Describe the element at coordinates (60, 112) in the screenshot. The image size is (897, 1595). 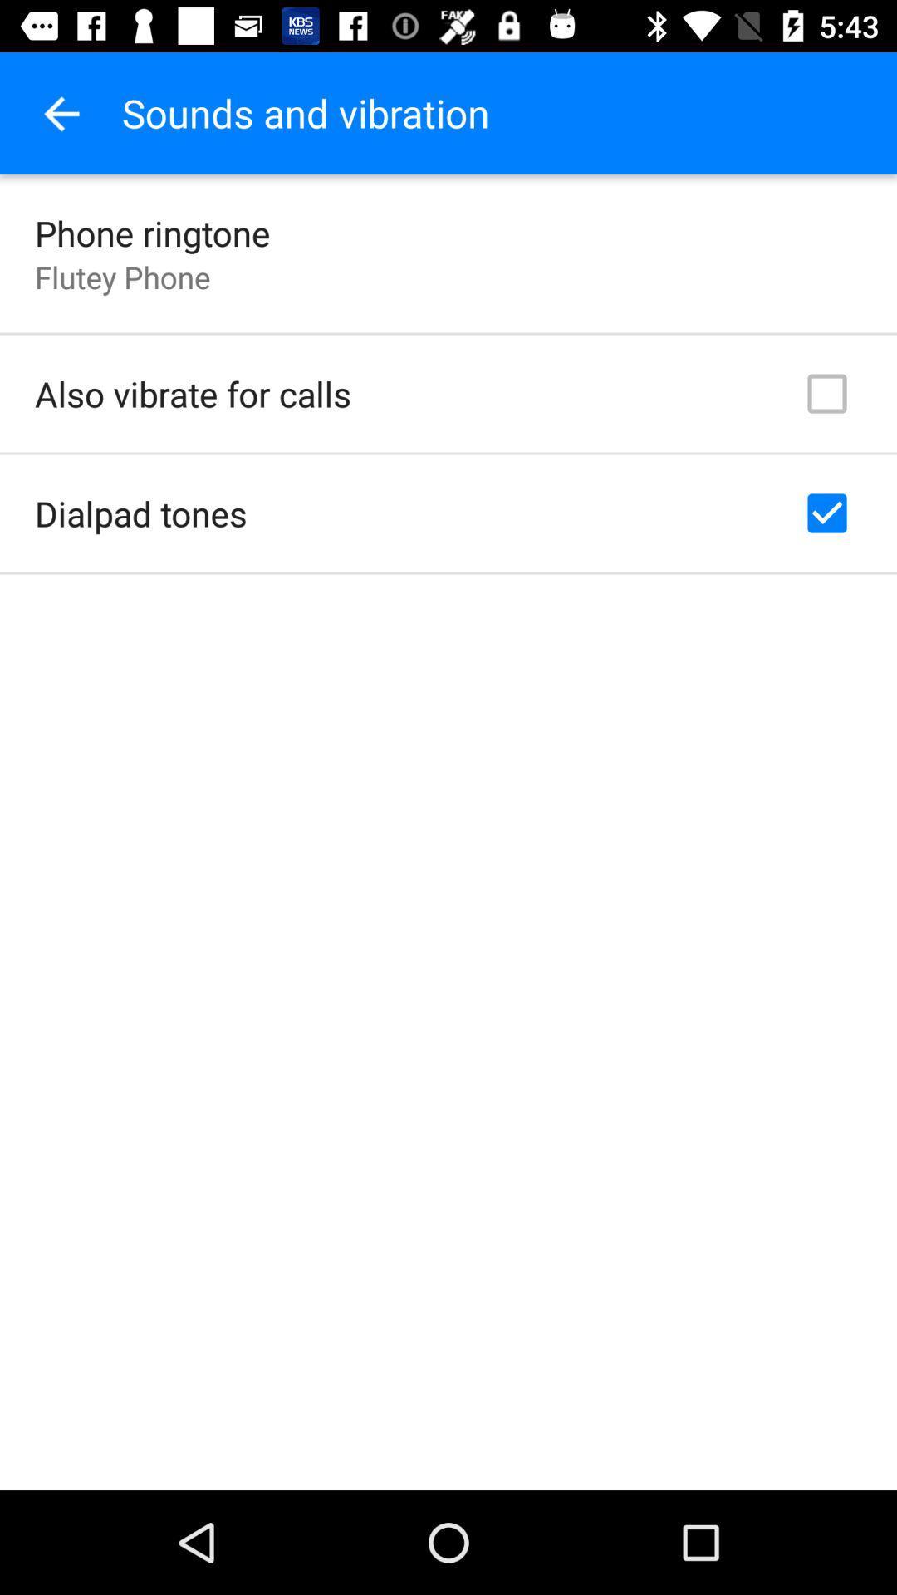
I see `the icon next to sounds and vibration icon` at that location.